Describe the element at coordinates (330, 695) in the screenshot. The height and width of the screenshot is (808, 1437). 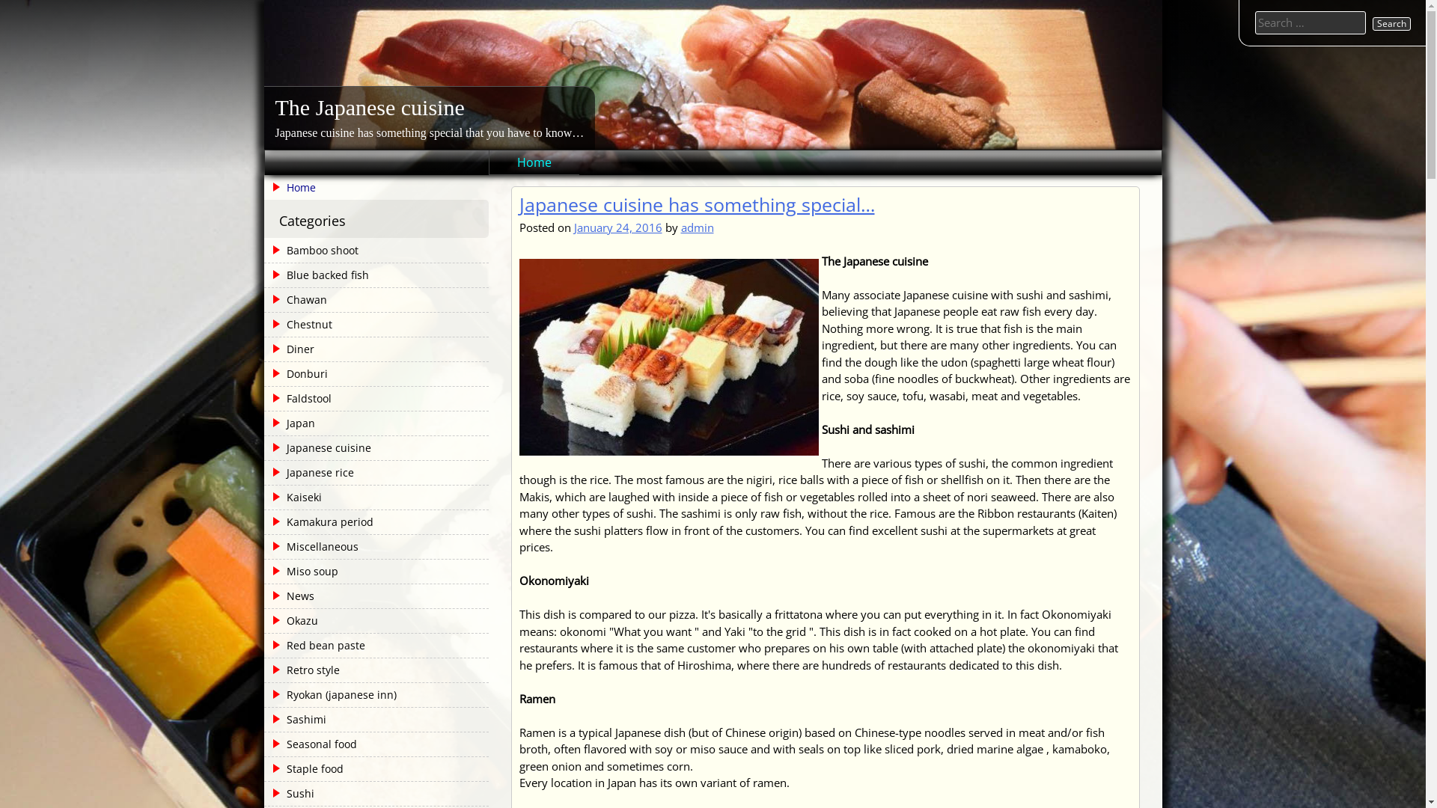
I see `'Ryokan (japanese inn)'` at that location.